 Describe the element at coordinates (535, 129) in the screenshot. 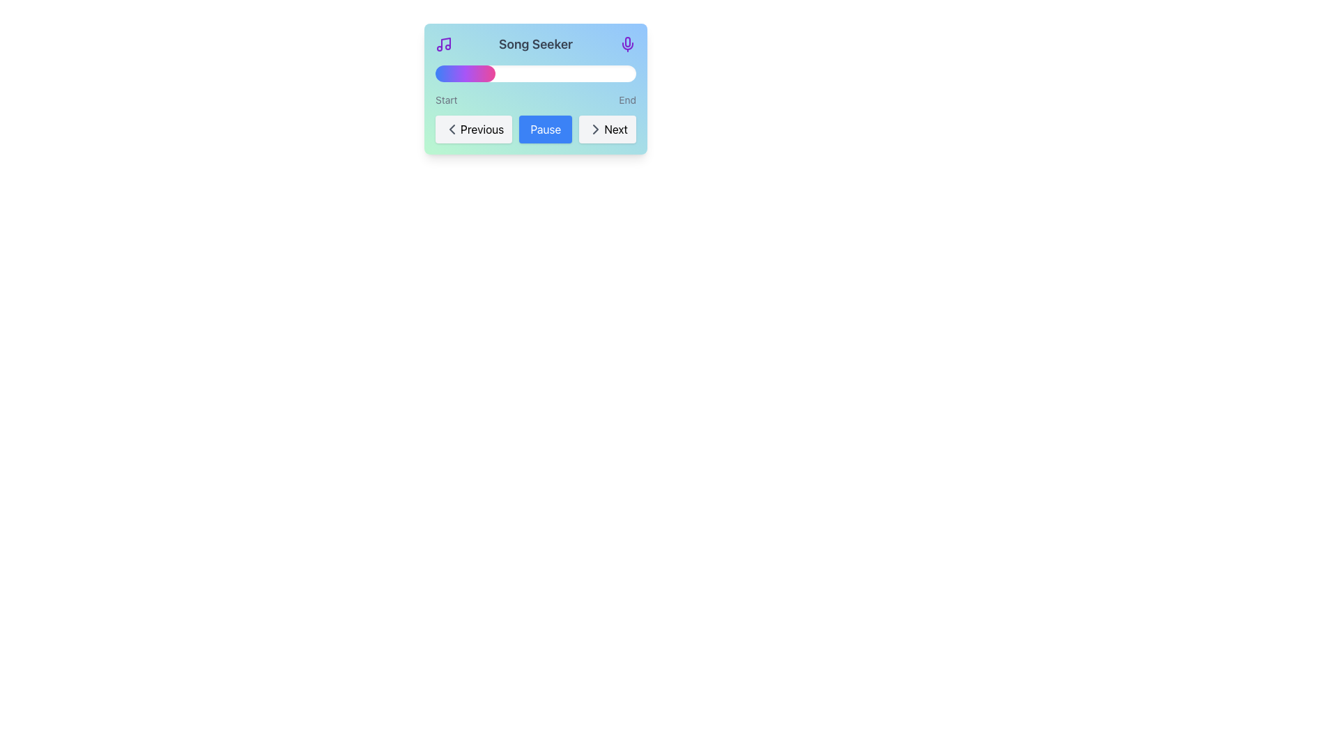

I see `the 'Pause' button, which has rounded corners, a blue background, and white text, located centrally between the 'Previous' and 'Next' buttons` at that location.